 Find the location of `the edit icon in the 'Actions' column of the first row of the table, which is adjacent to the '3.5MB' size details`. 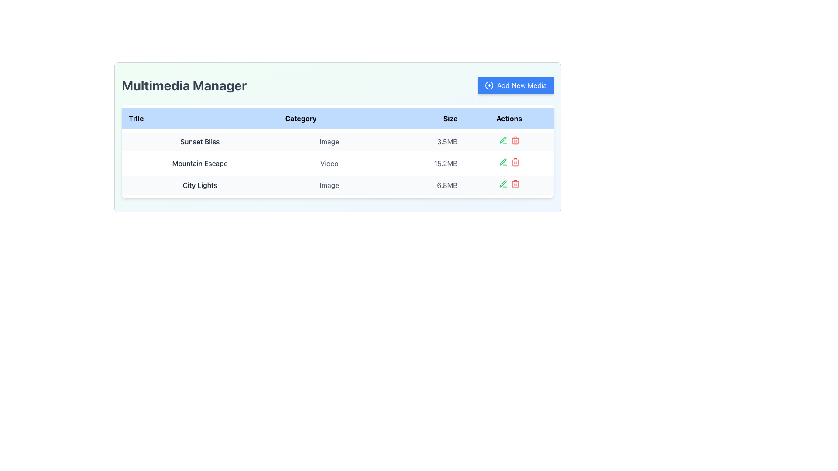

the edit icon in the 'Actions' column of the first row of the table, which is adjacent to the '3.5MB' size details is located at coordinates (503, 140).